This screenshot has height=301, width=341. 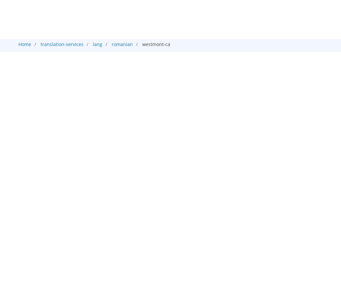 I want to click on 'Typing', so click(x=189, y=80).